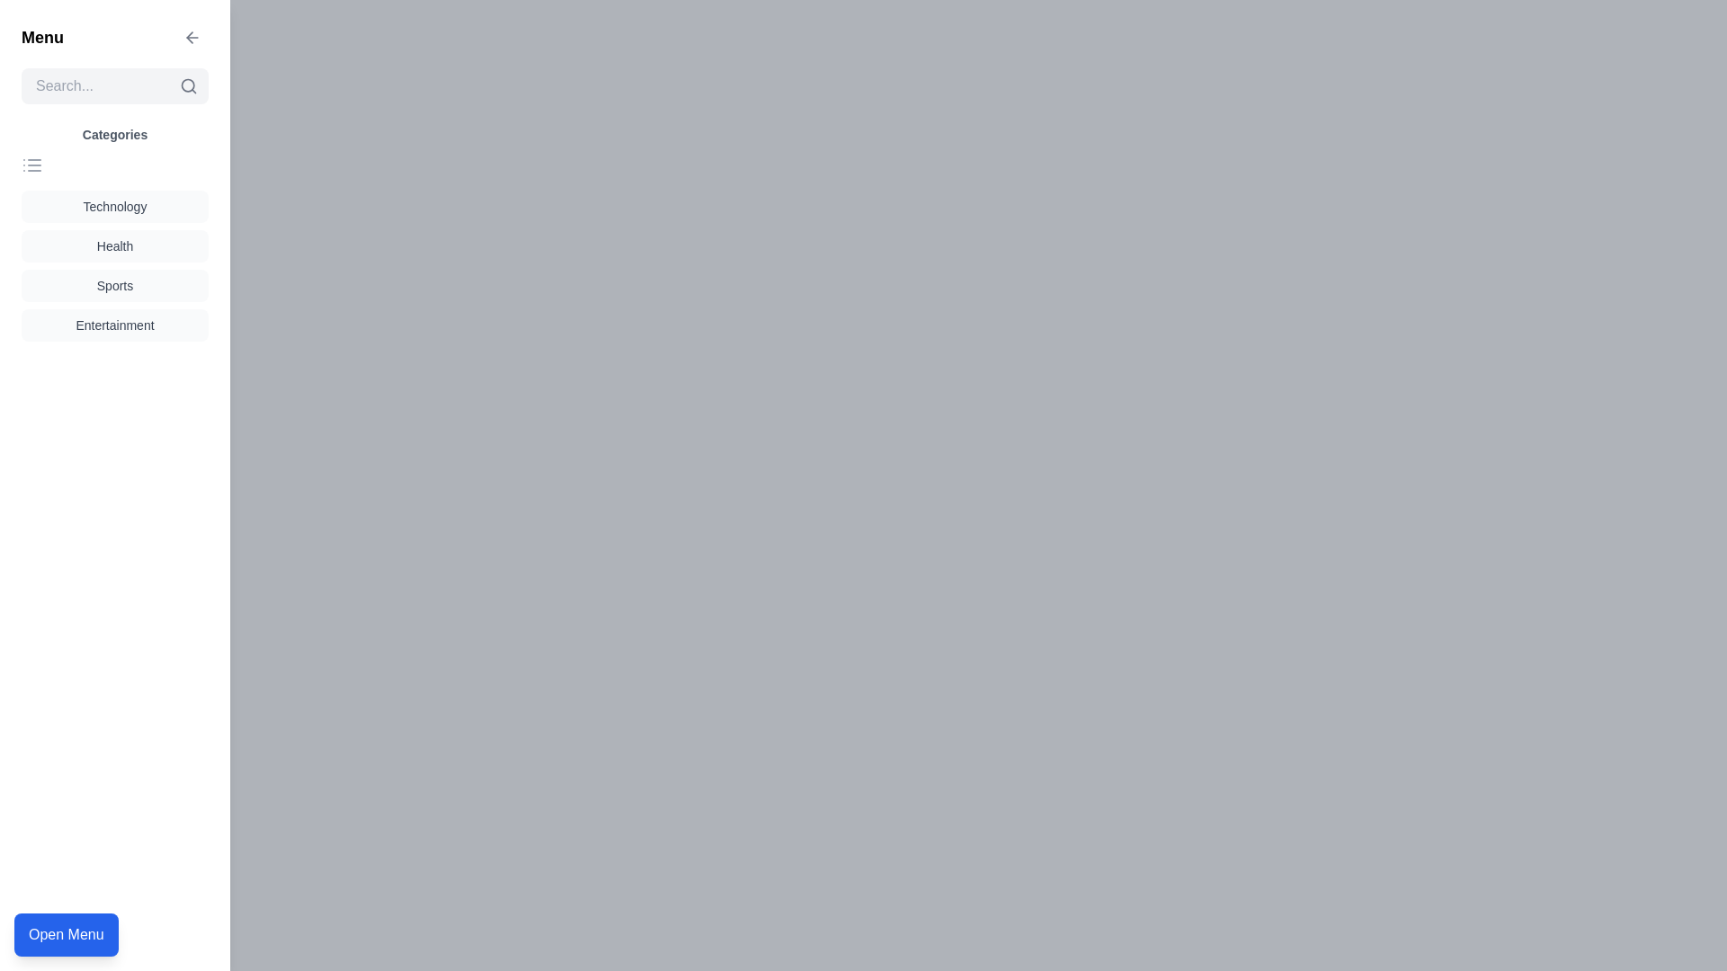 The width and height of the screenshot is (1727, 971). I want to click on the decorative graphical circle, which is part of the magnifying glass icon in the search field at the top of the left-hand sidebar, so click(188, 85).